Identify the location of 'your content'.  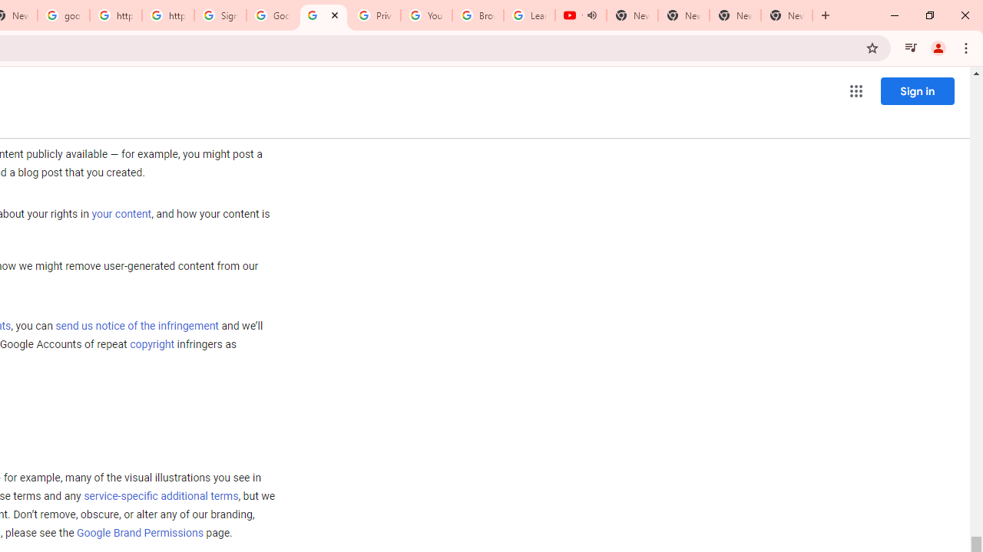
(121, 214).